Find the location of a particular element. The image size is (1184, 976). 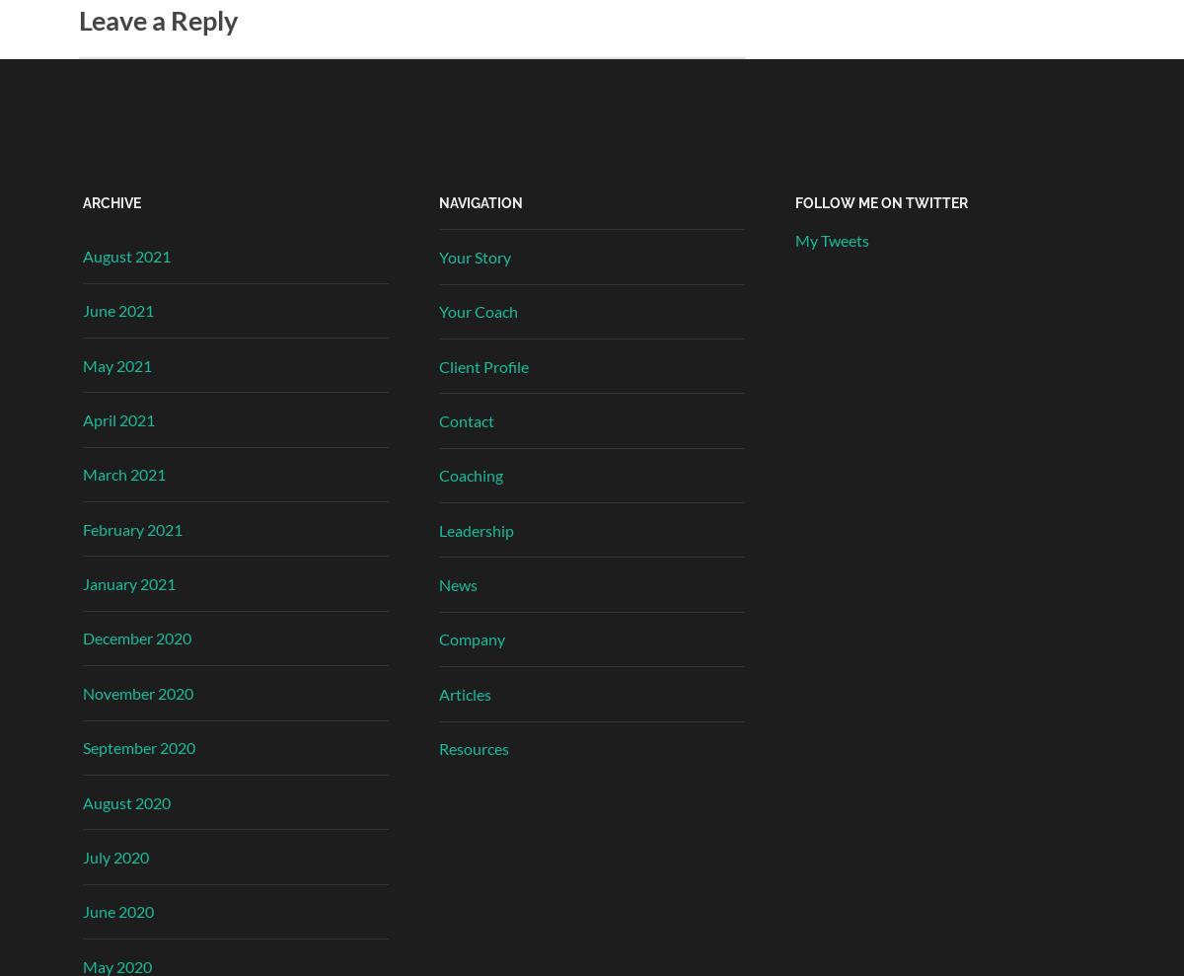

'November 2020' is located at coordinates (138, 691).